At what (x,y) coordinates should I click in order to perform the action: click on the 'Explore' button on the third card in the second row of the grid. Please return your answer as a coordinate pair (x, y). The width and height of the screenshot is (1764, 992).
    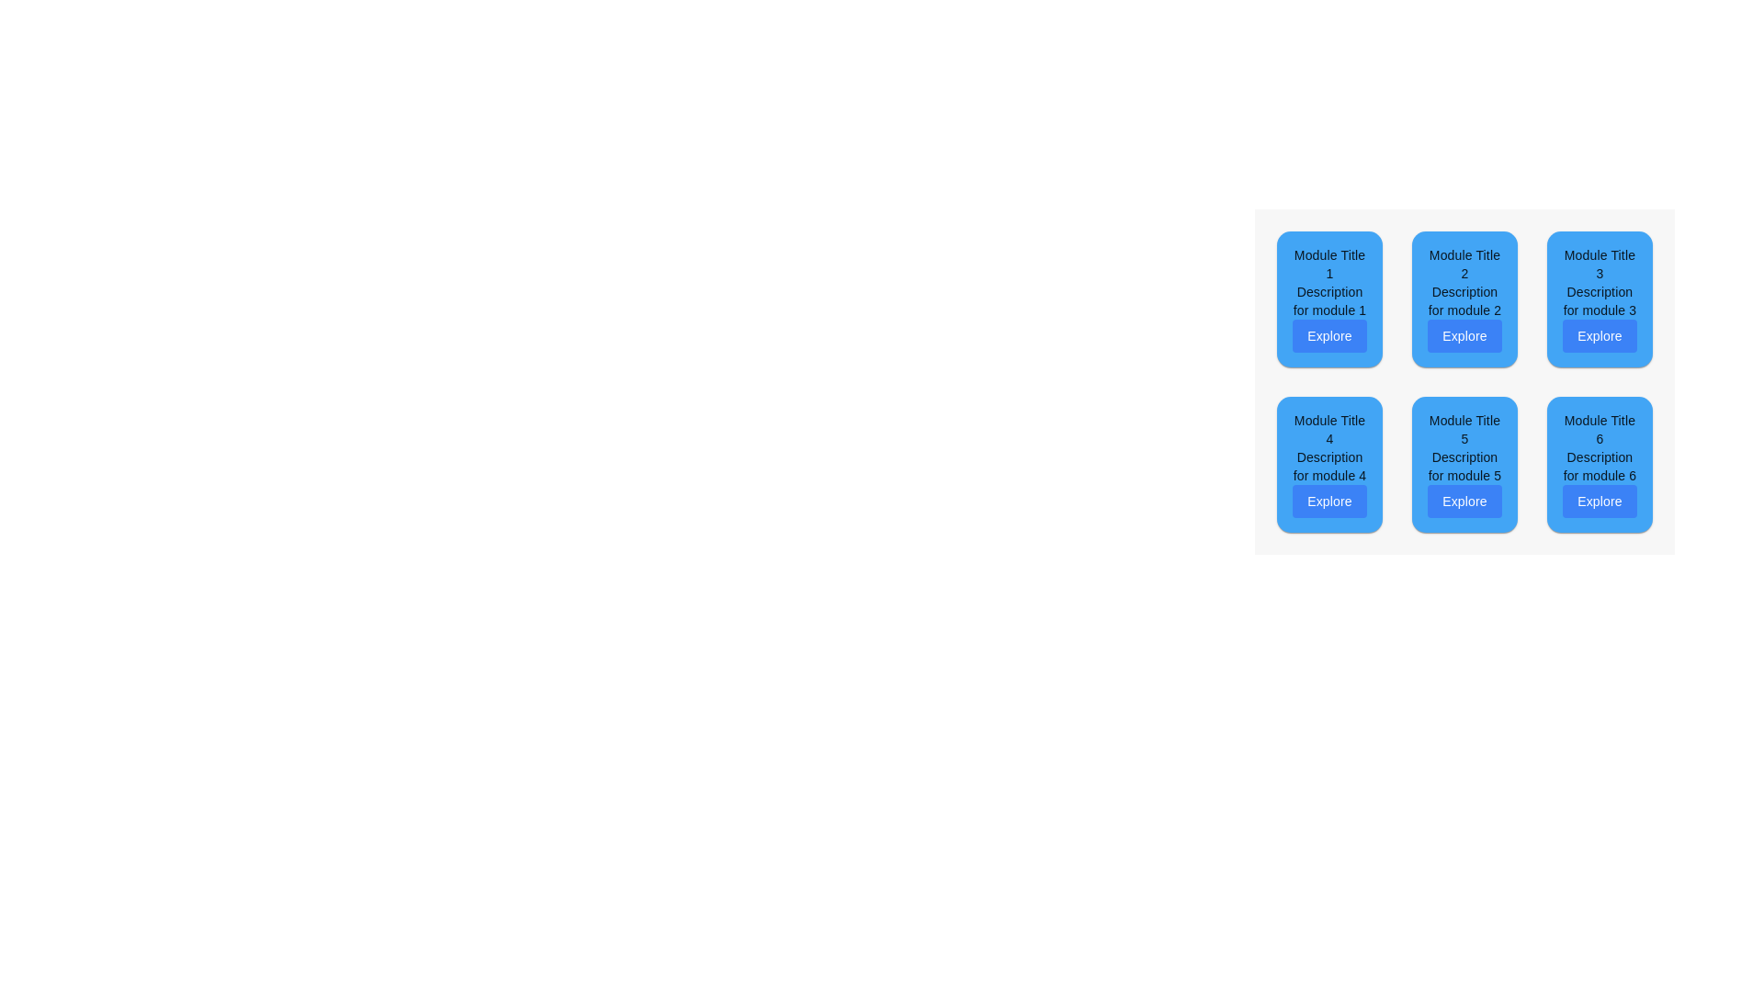
    Looking at the image, I should click on (1599, 464).